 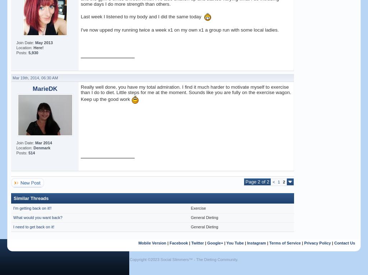 What do you see at coordinates (197, 243) in the screenshot?
I see `'Twitter'` at bounding box center [197, 243].